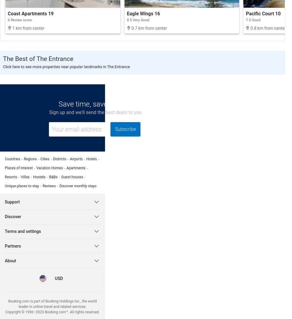 The image size is (292, 319). I want to click on 'Hotels', so click(91, 159).